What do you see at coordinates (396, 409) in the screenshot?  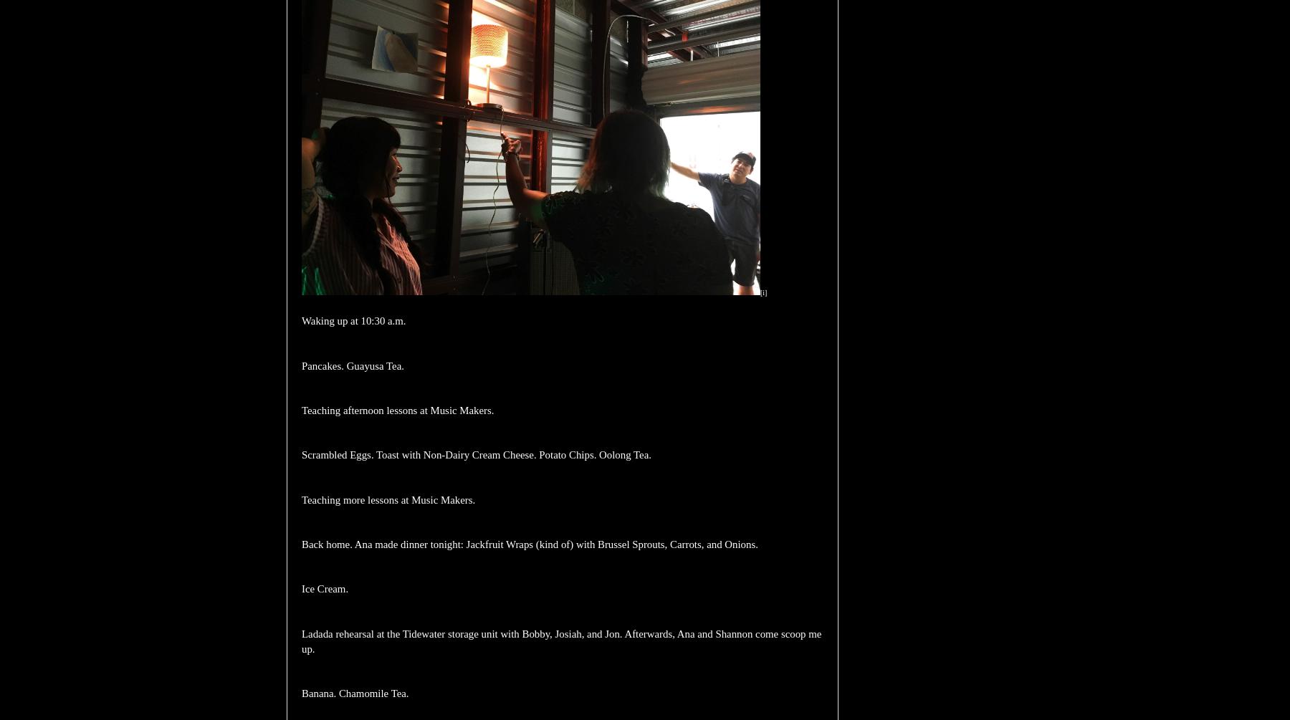 I see `'Teaching afternoon lessons at Music Makers.'` at bounding box center [396, 409].